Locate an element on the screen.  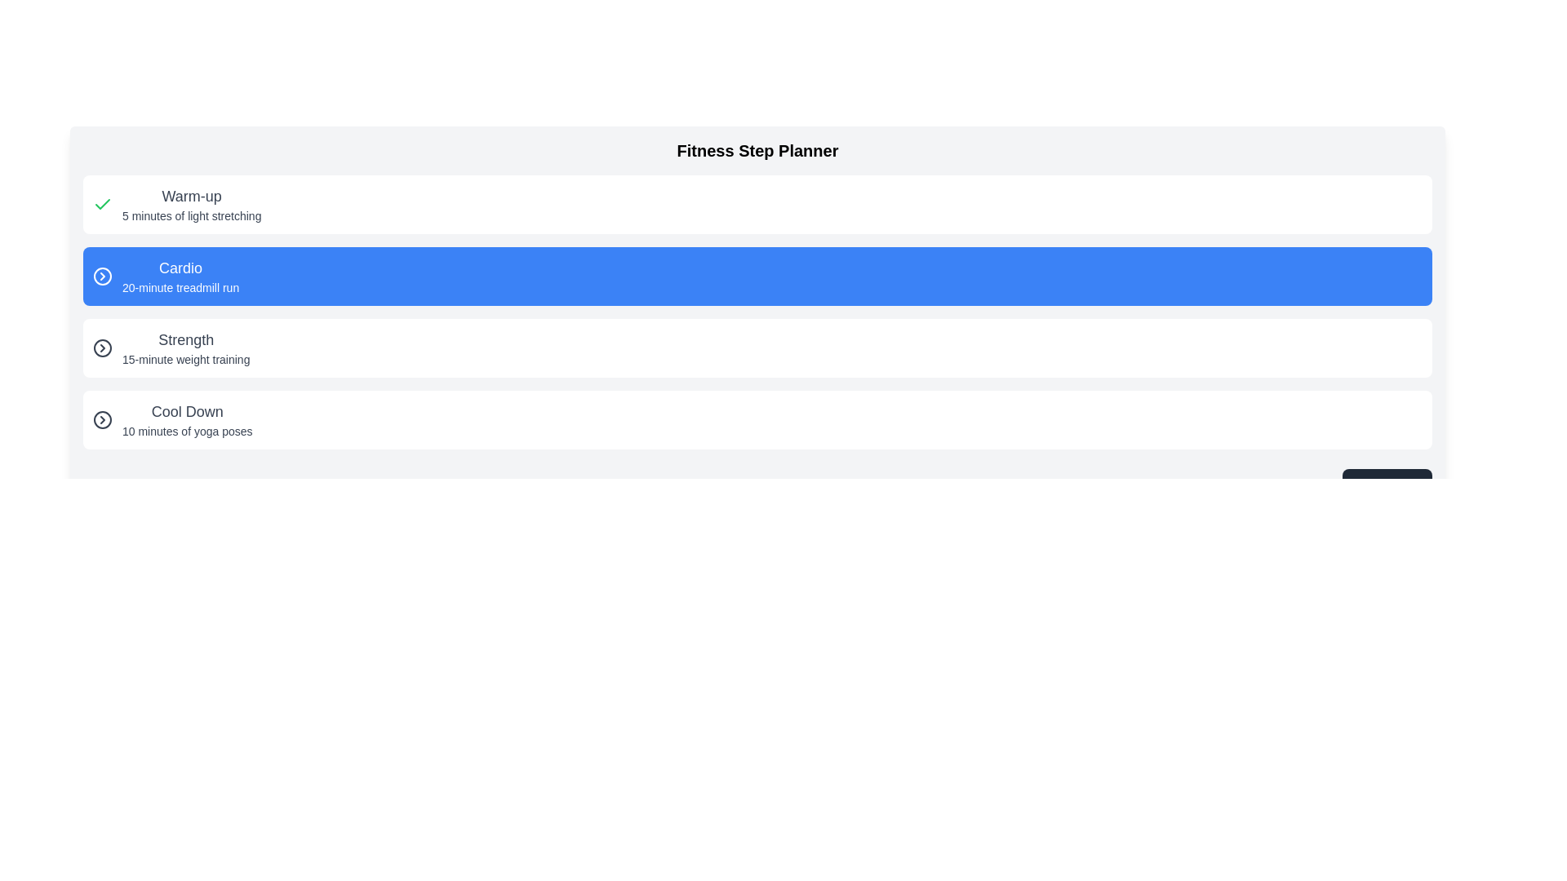
the text label that reads '5 minutes of light stretching', positioned directly beneath the 'Warm-up' heading is located at coordinates (192, 215).